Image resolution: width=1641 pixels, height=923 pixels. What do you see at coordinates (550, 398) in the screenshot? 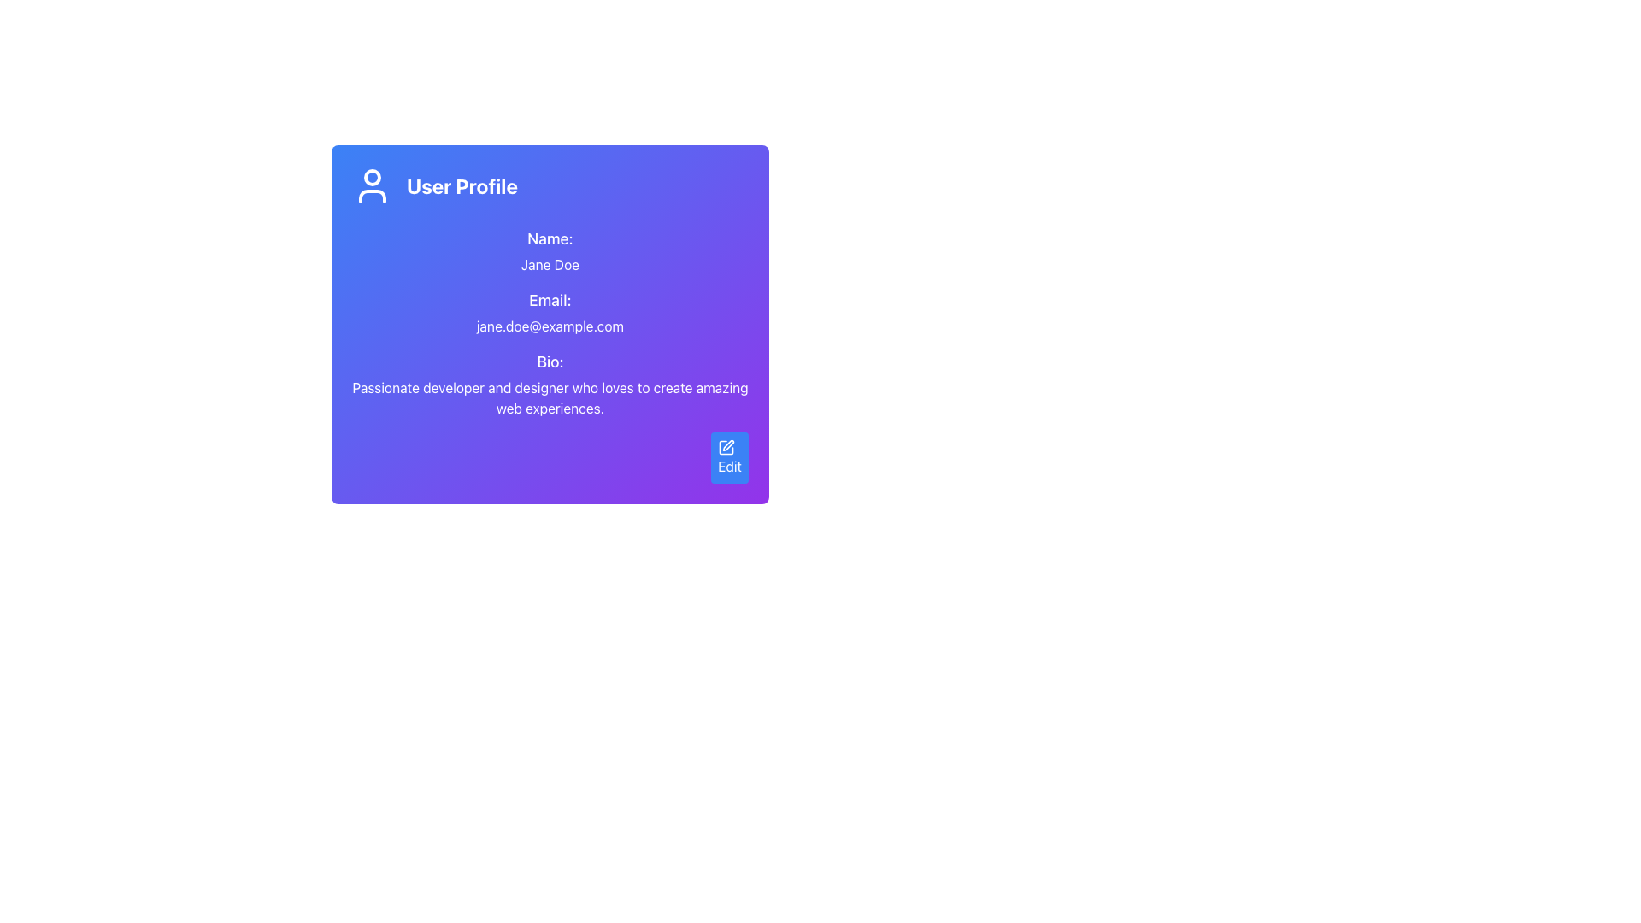
I see `the static text displaying 'Passionate developer and designer who loves to create amazing web experiences.' located under the 'Bio:' label in the user profile section` at bounding box center [550, 398].